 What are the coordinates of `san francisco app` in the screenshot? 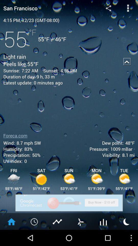 It's located at (46, 8).